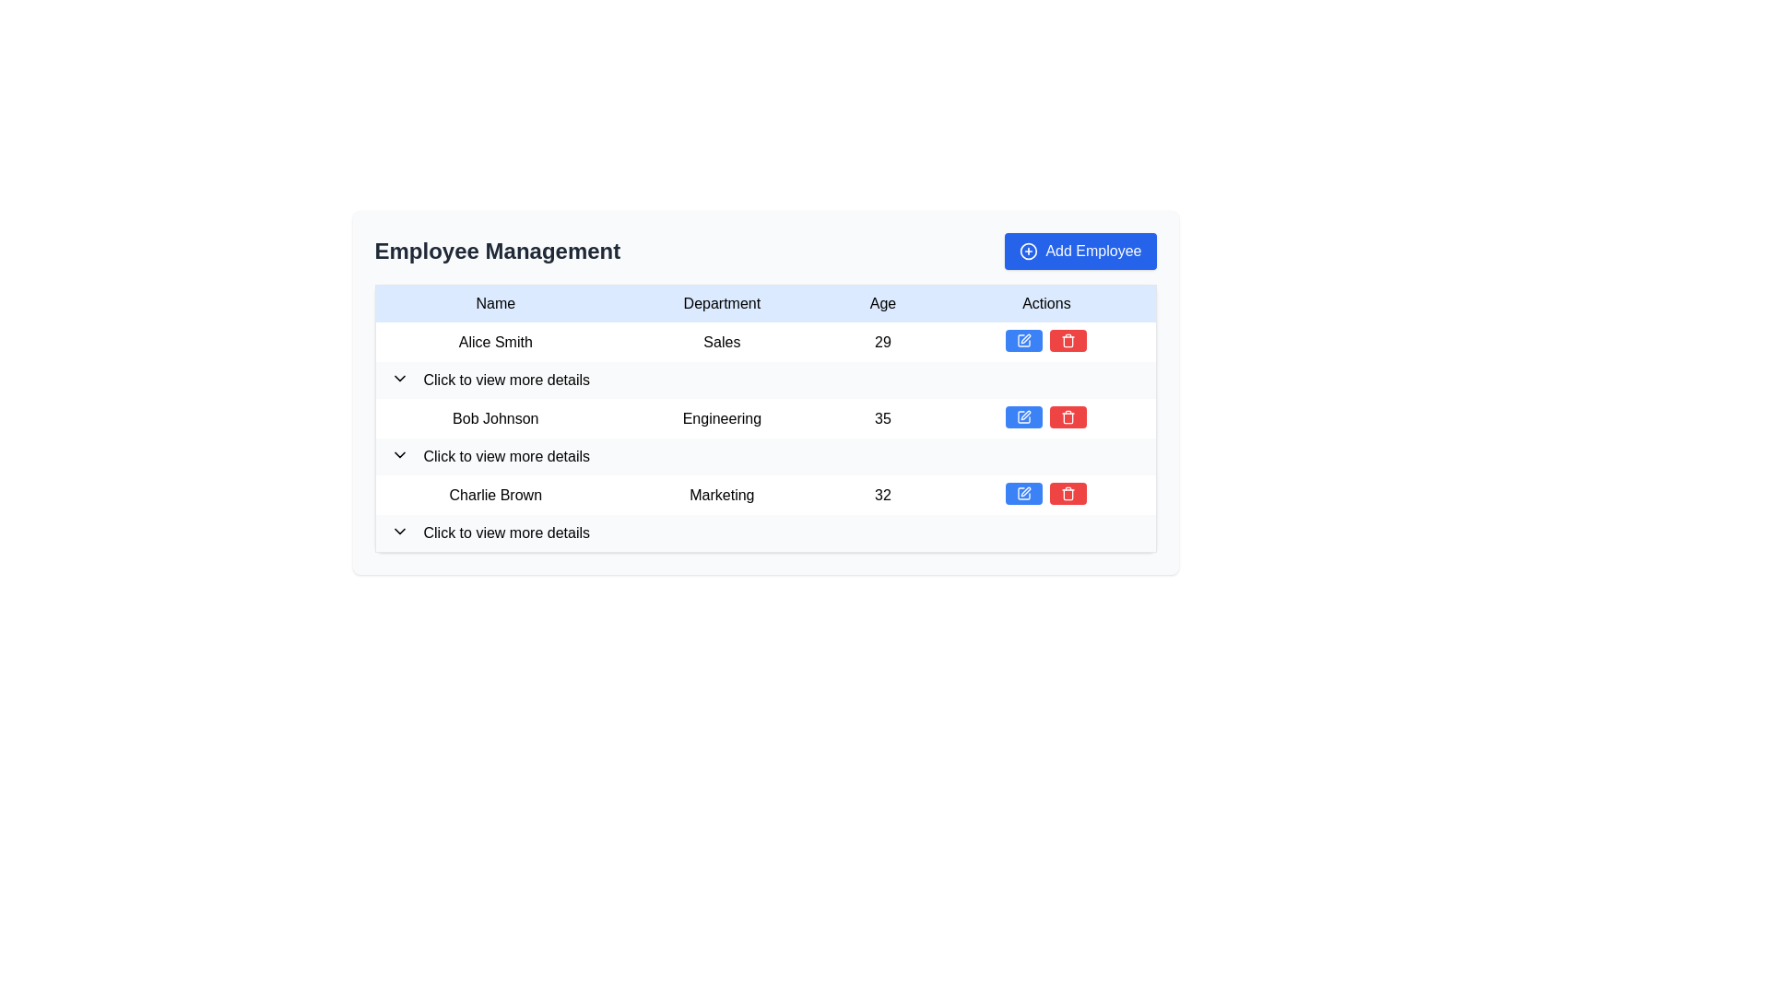 This screenshot has width=1770, height=995. Describe the element at coordinates (1023, 416) in the screenshot. I see `the edit button in the Actions column of the second row` at that location.